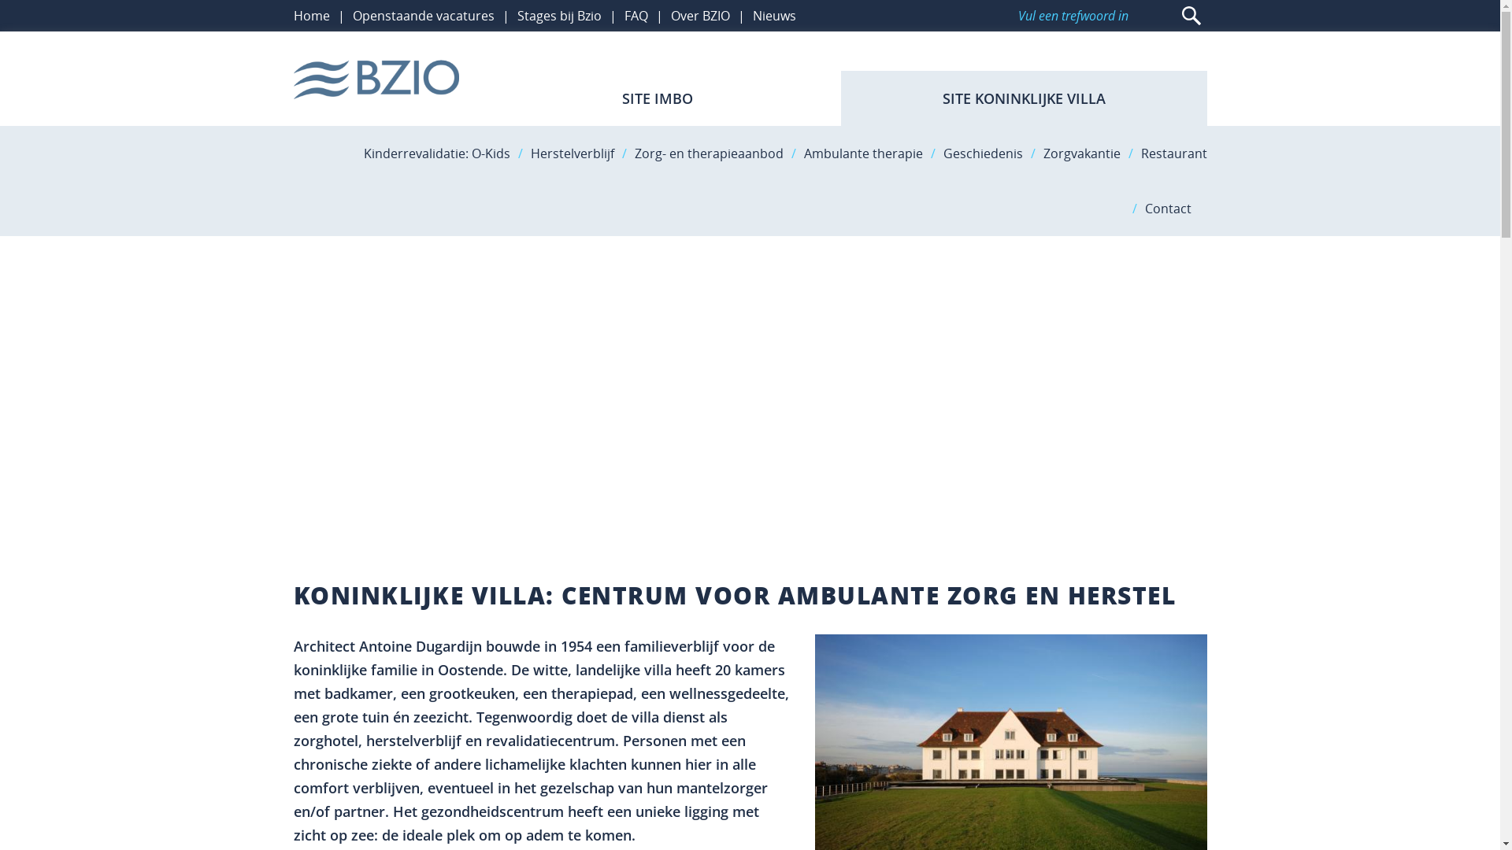 This screenshot has height=850, width=1512. What do you see at coordinates (670, 15) in the screenshot?
I see `'Over BZIO'` at bounding box center [670, 15].